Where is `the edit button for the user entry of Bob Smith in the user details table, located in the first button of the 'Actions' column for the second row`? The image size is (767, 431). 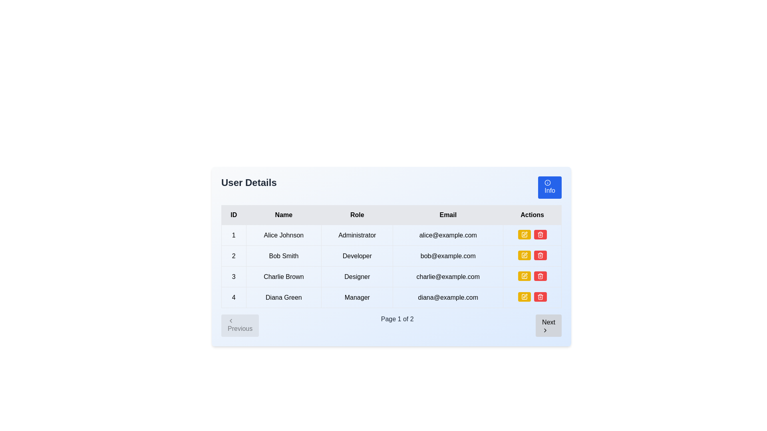 the edit button for the user entry of Bob Smith in the user details table, located in the first button of the 'Actions' column for the second row is located at coordinates (524, 255).